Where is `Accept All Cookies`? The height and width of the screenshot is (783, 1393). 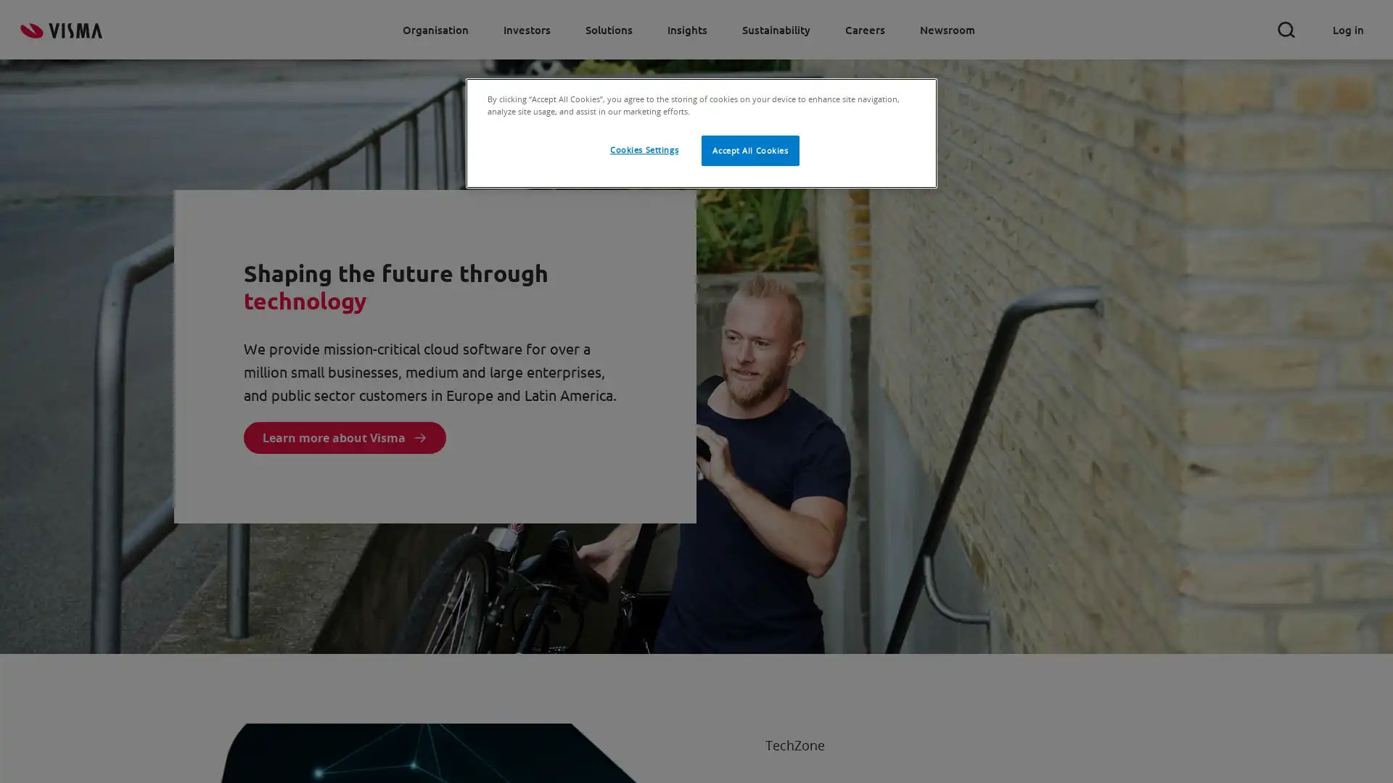 Accept All Cookies is located at coordinates (750, 151).